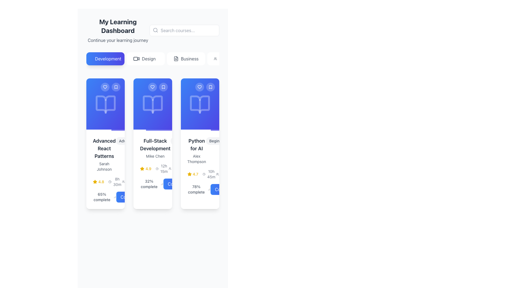 Image resolution: width=523 pixels, height=294 pixels. I want to click on text displayed on the label showing the course title 'Python for AI', which is prominently styled in bold, located in the third column of the grid layout, above the name 'Alex Thompson', so click(196, 145).